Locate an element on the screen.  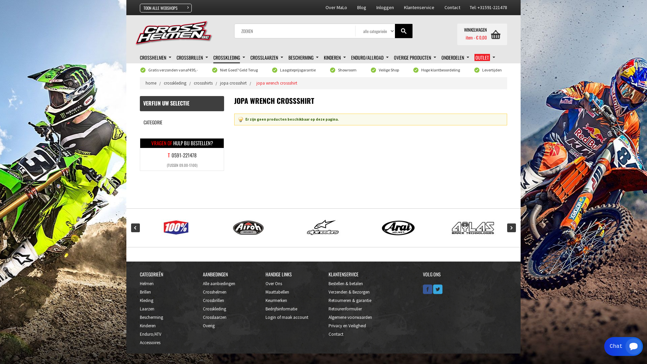
'Overig' is located at coordinates (208, 325).